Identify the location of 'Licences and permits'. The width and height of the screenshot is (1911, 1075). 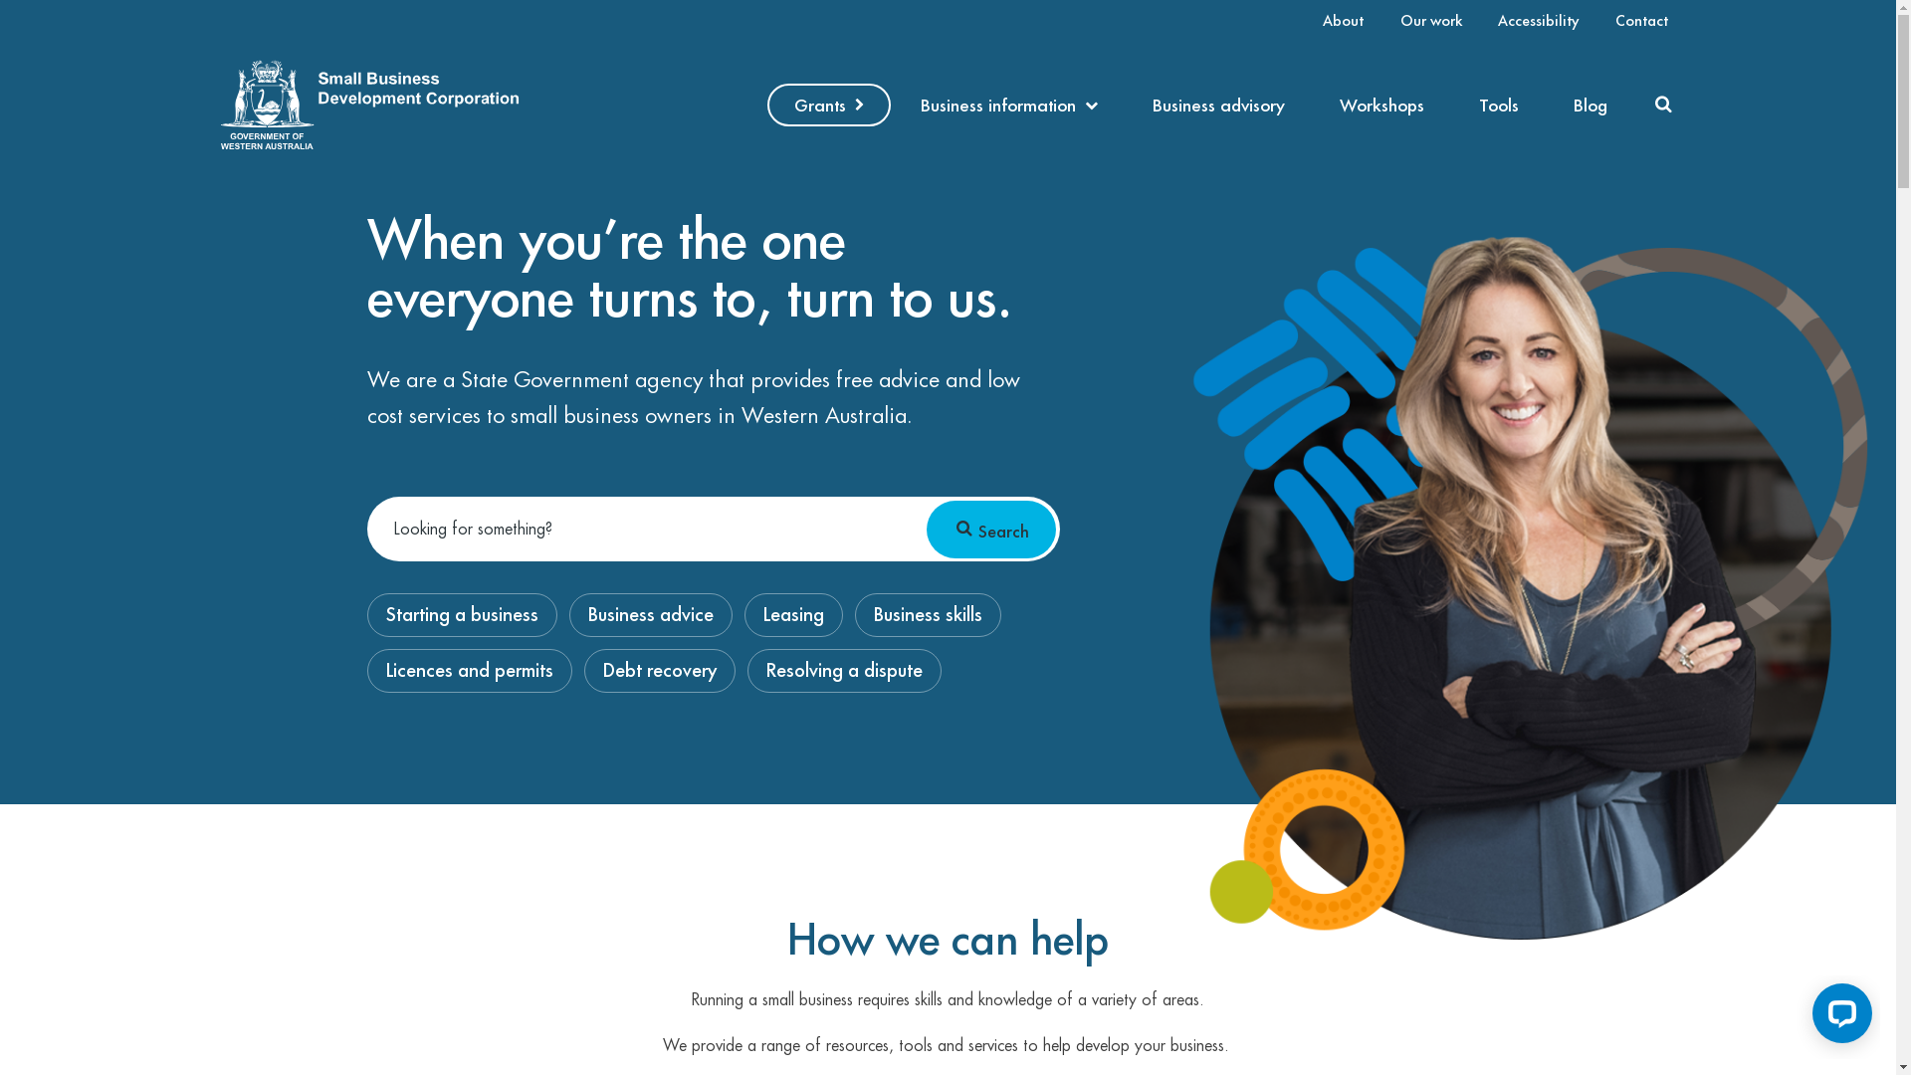
(468, 671).